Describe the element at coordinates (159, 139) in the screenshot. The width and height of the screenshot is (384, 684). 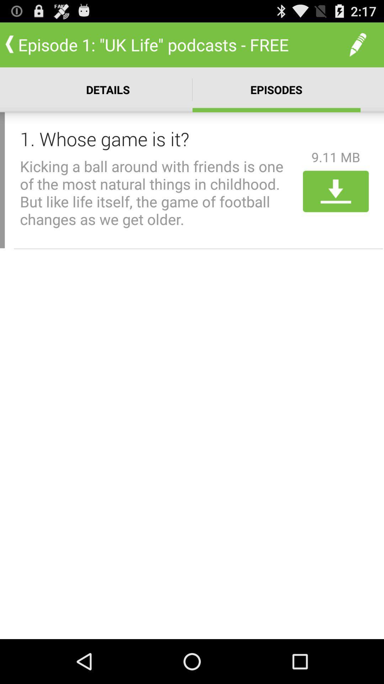
I see `1 whose game icon` at that location.